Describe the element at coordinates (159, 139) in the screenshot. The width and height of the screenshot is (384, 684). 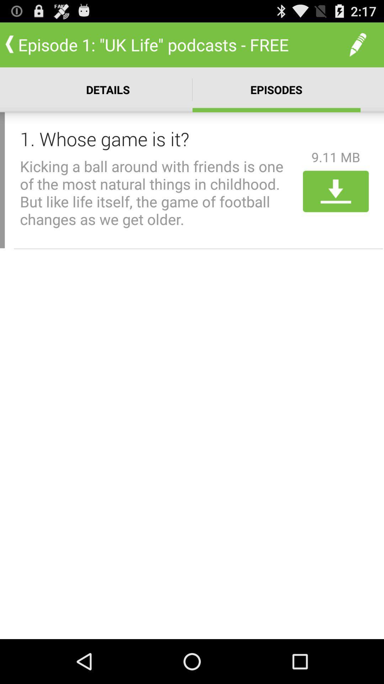
I see `1 whose game icon` at that location.